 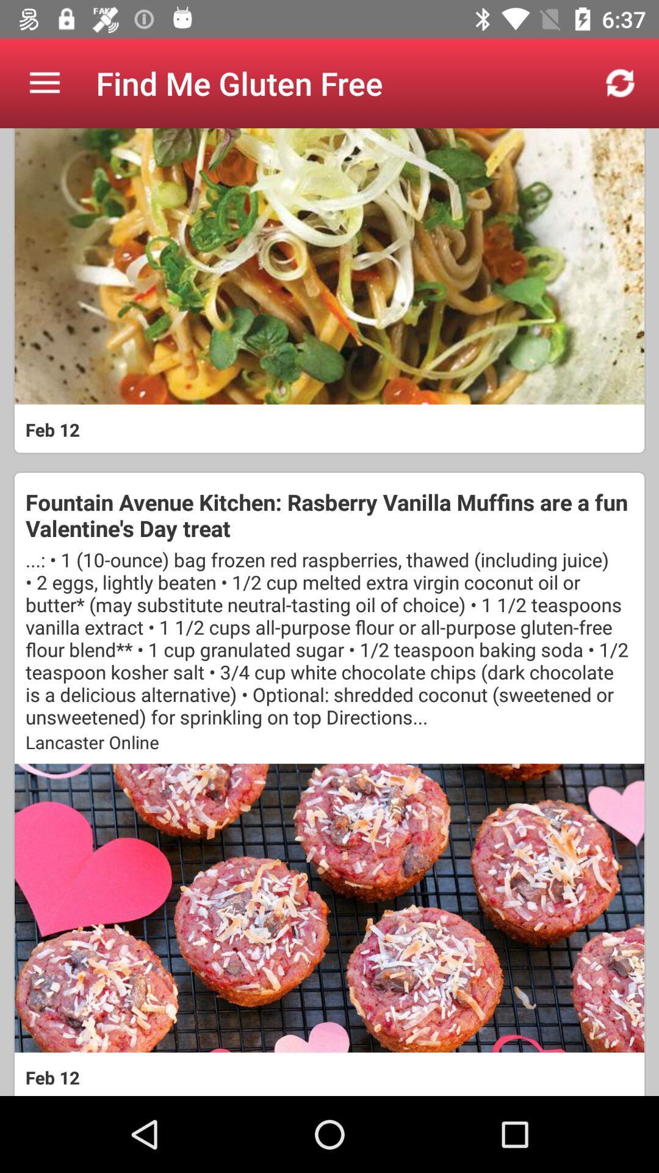 What do you see at coordinates (44, 82) in the screenshot?
I see `icon to the left of find me gluten item` at bounding box center [44, 82].